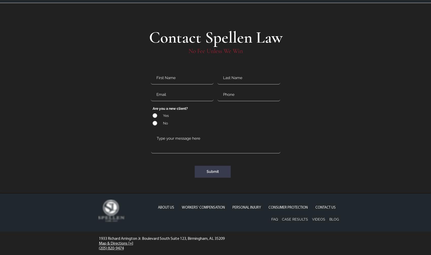 This screenshot has height=255, width=431. What do you see at coordinates (271, 219) in the screenshot?
I see `'FAQ'` at bounding box center [271, 219].